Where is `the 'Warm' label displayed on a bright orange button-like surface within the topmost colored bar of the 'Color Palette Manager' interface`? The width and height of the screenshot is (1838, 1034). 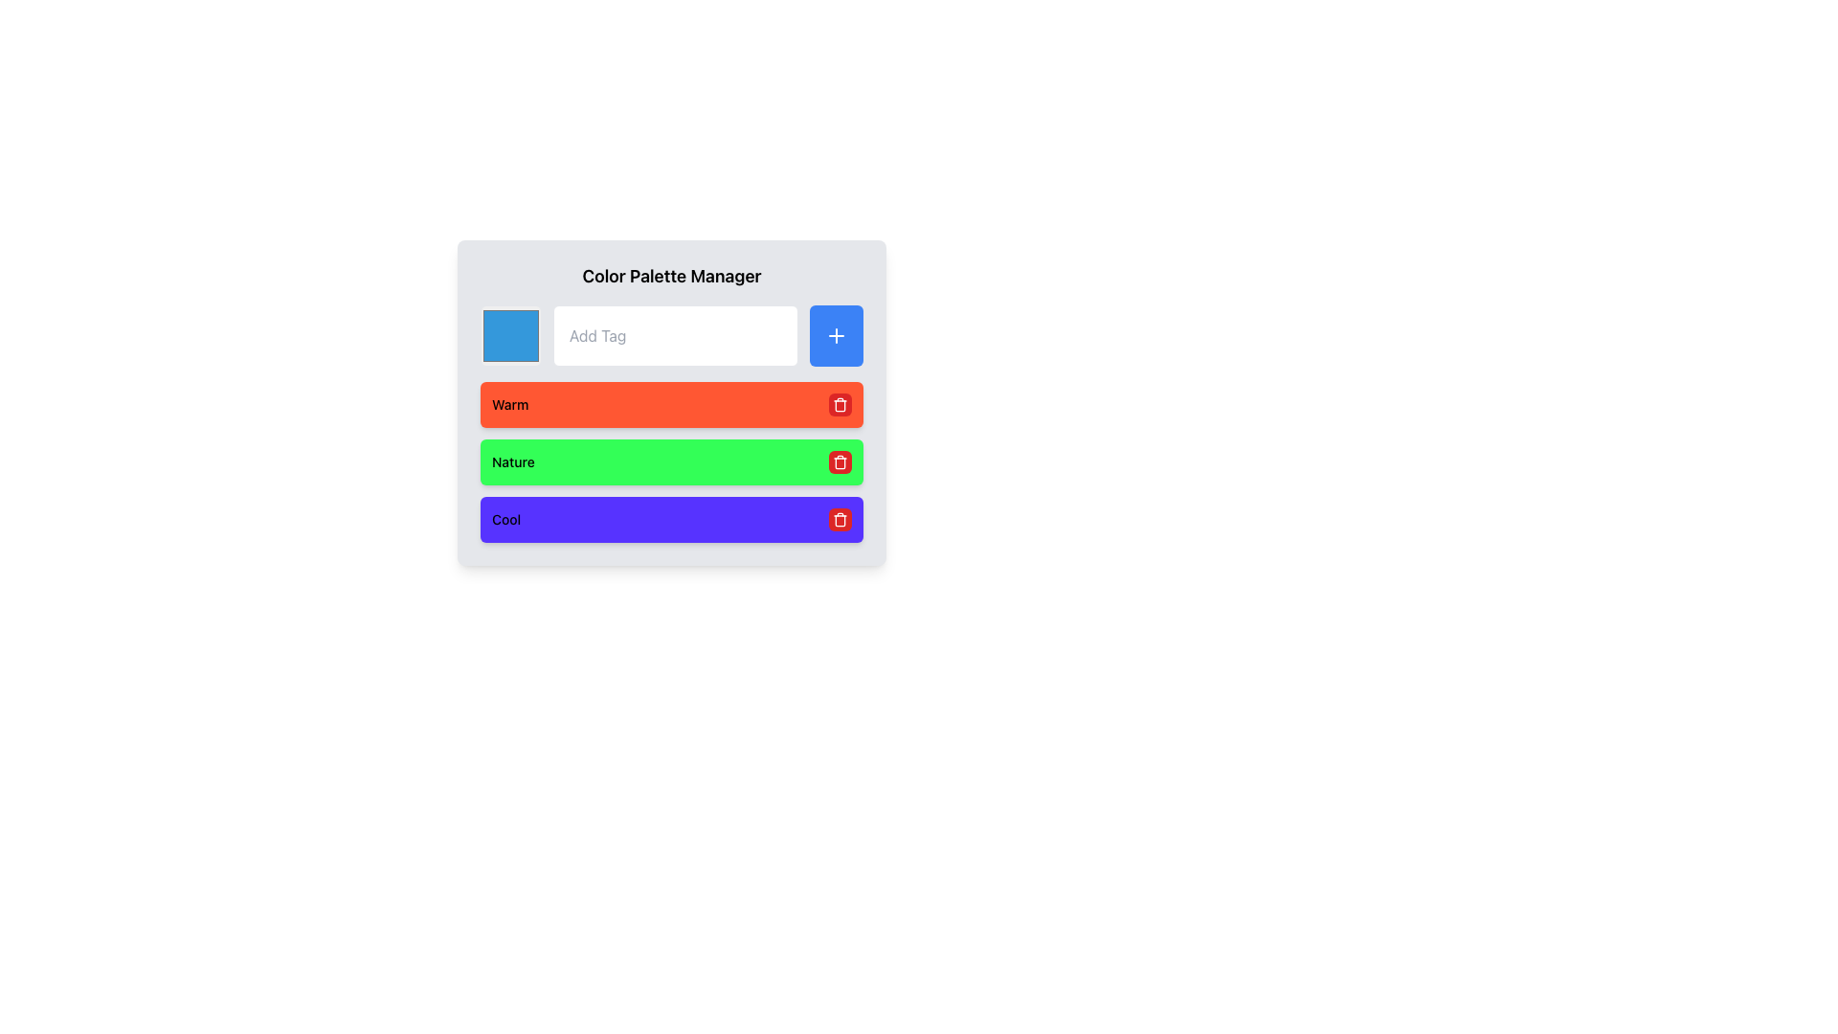
the 'Warm' label displayed on a bright orange button-like surface within the topmost colored bar of the 'Color Palette Manager' interface is located at coordinates (510, 404).